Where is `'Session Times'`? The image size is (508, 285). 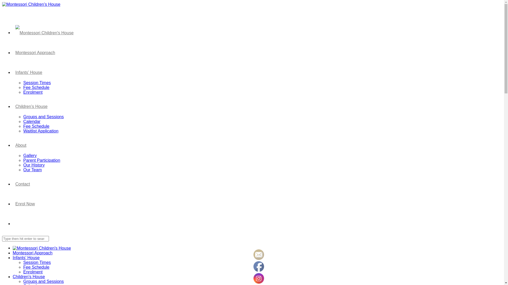
'Session Times' is located at coordinates (37, 262).